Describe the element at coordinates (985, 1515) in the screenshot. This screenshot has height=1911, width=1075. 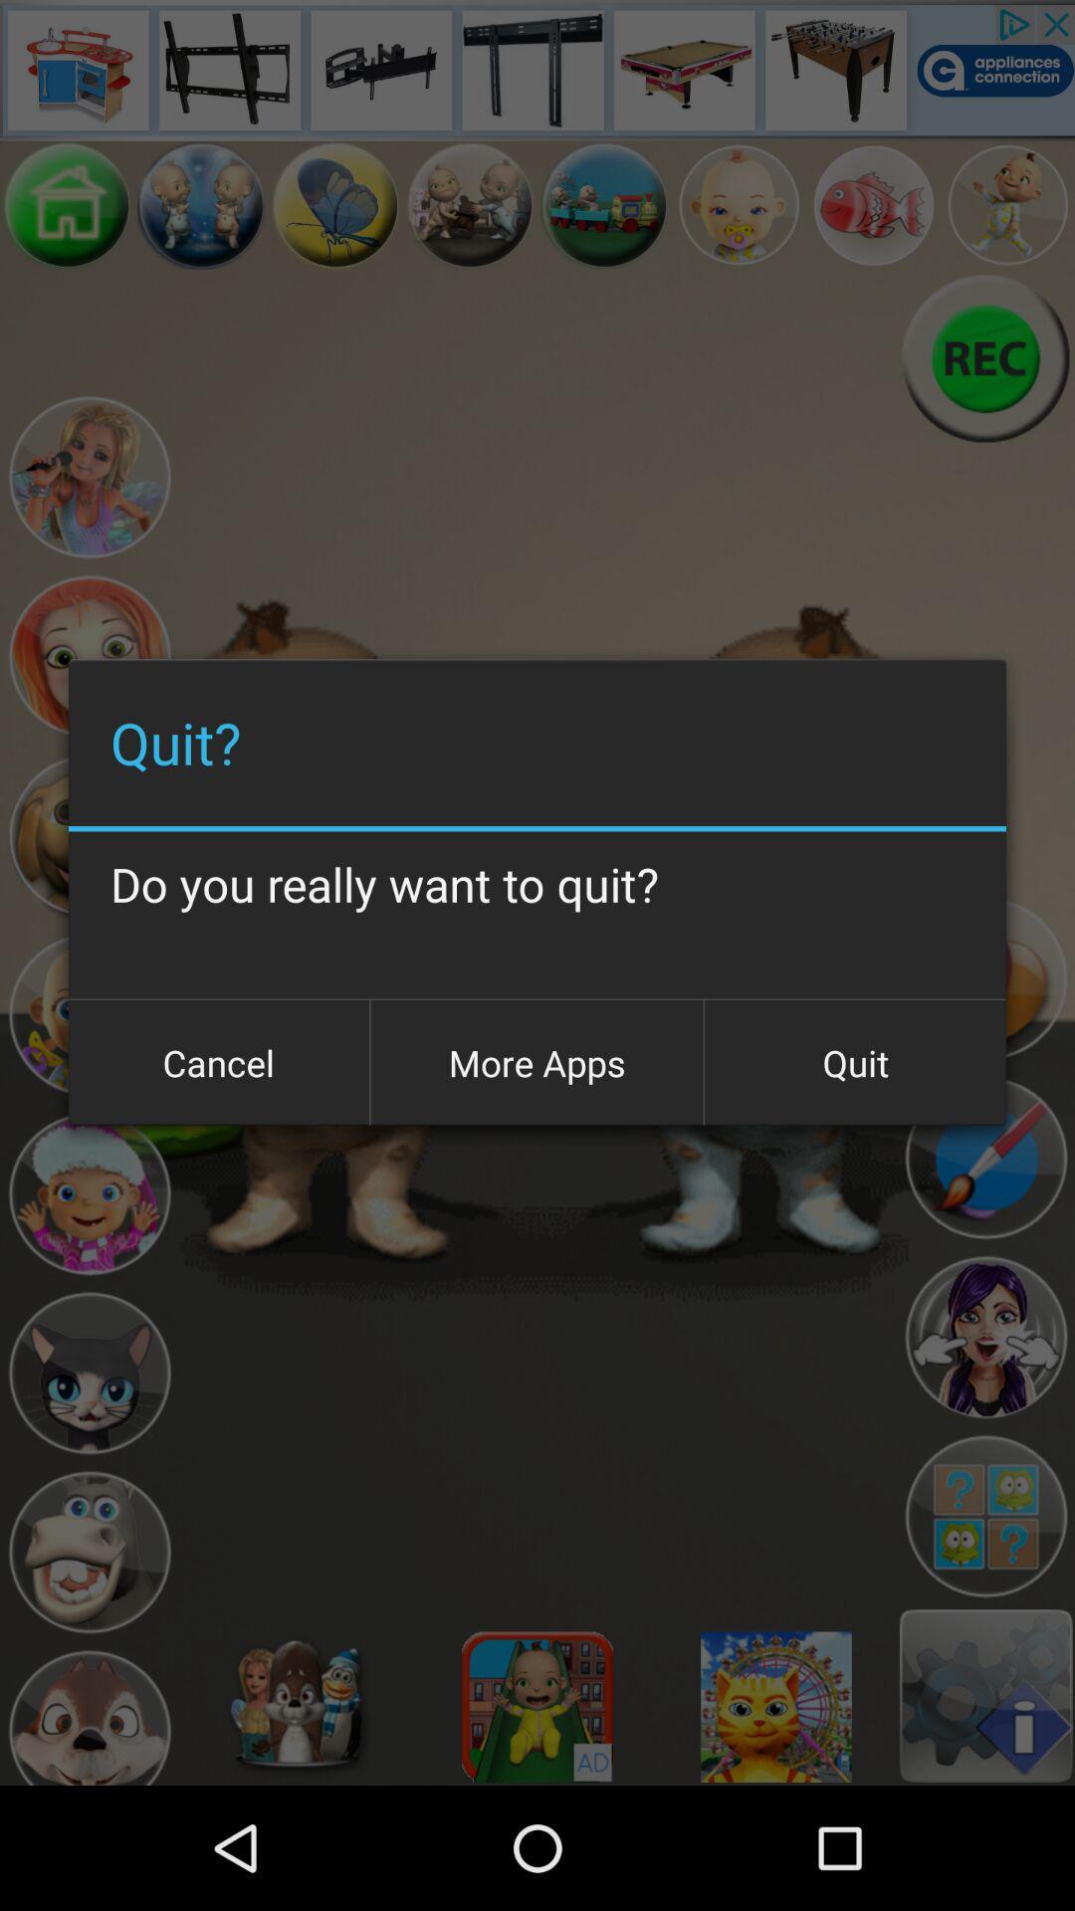
I see `choose the selection` at that location.